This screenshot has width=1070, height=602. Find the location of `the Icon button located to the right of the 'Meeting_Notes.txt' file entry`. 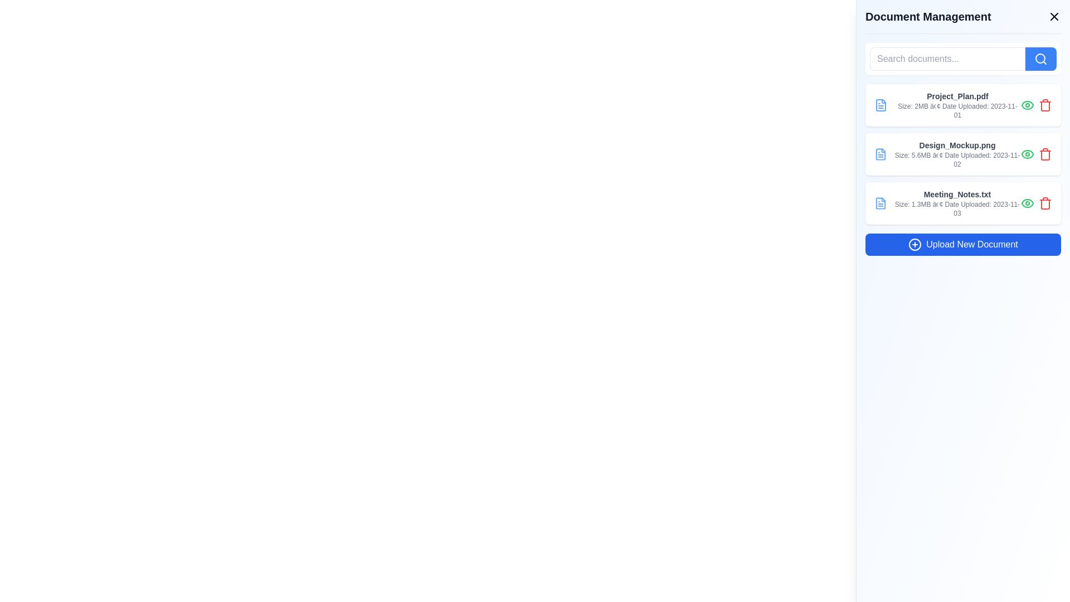

the Icon button located to the right of the 'Meeting_Notes.txt' file entry is located at coordinates (1027, 203).